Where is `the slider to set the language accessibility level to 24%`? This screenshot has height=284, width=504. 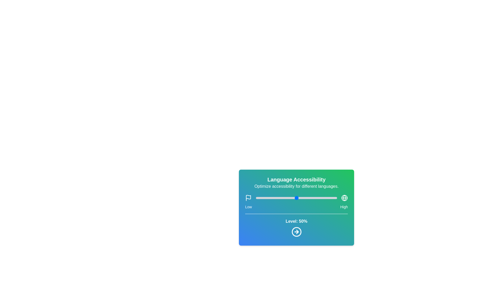
the slider to set the language accessibility level to 24% is located at coordinates (275, 198).